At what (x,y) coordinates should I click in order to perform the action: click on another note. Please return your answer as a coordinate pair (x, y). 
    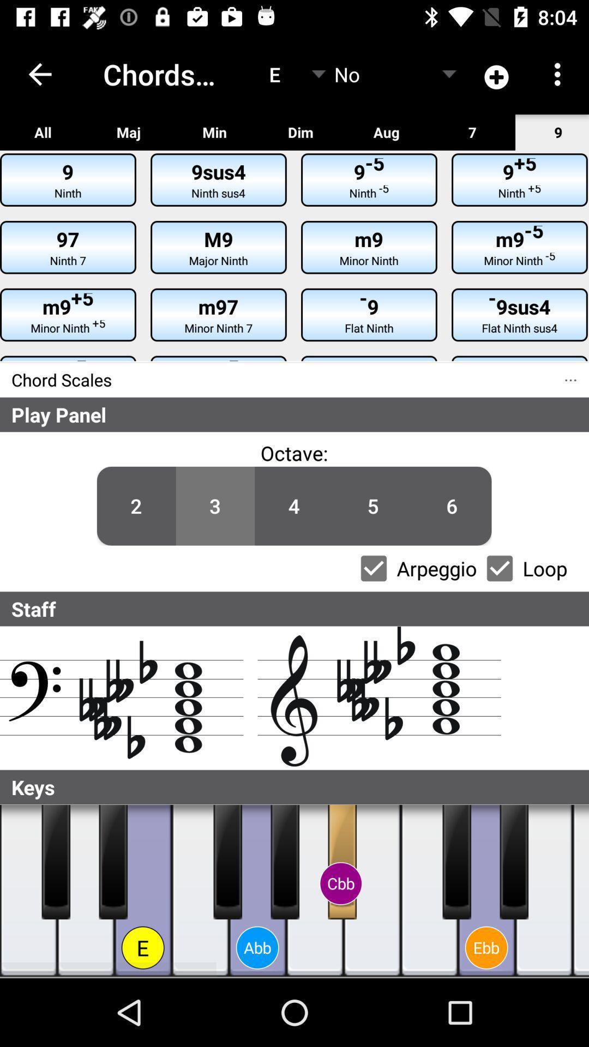
    Looking at the image, I should click on (580, 890).